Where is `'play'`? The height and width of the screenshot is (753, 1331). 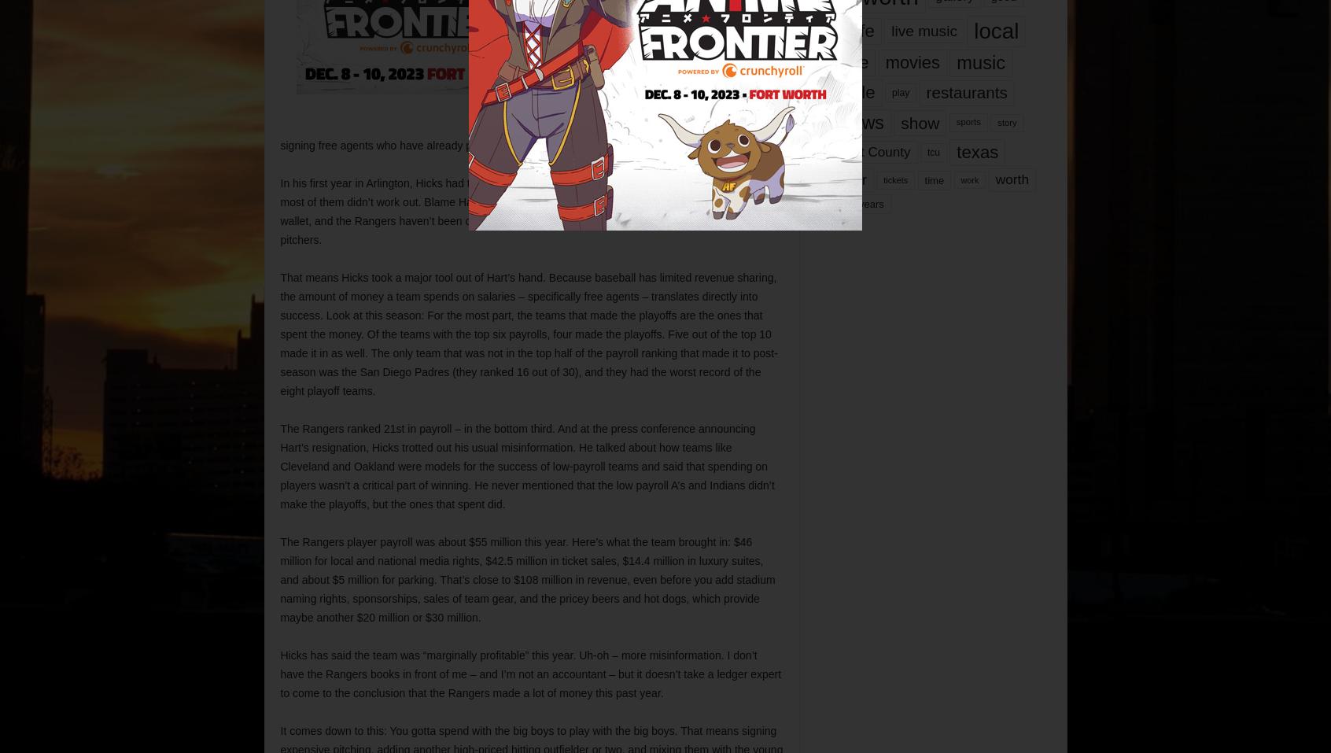
'play' is located at coordinates (899, 92).